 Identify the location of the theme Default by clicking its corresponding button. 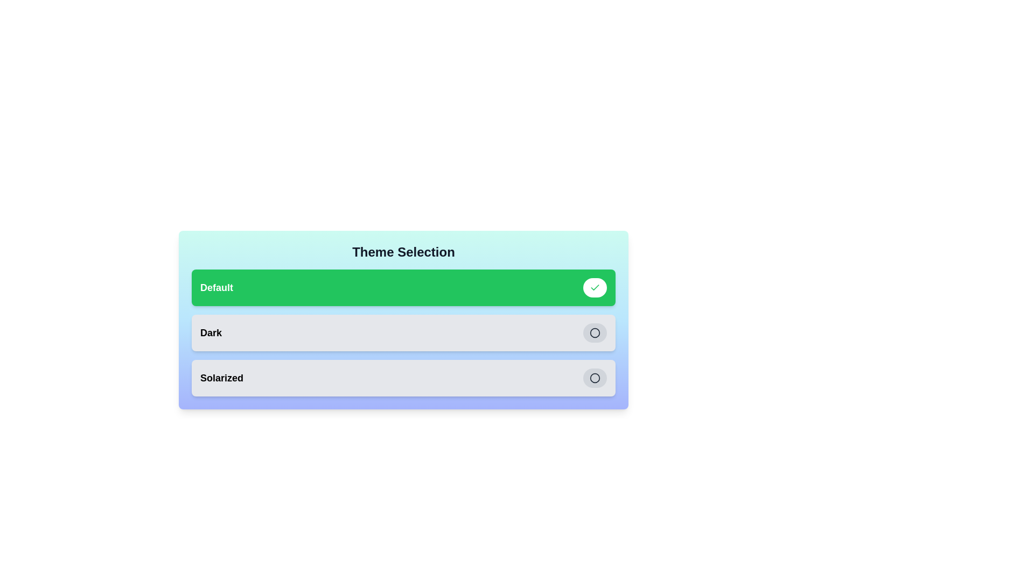
(594, 287).